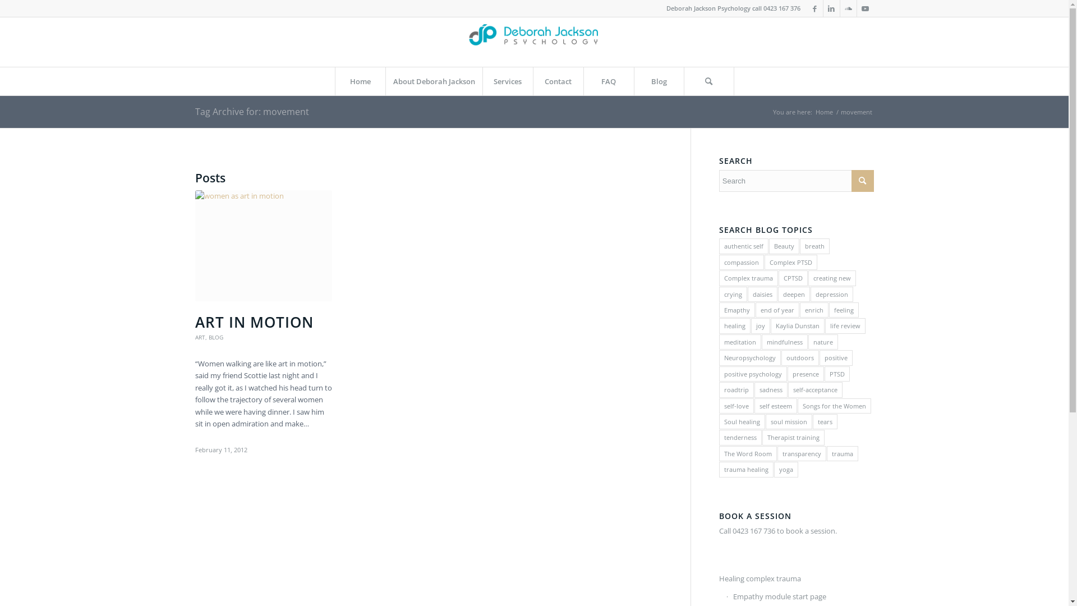 This screenshot has width=1077, height=606. I want to click on 'breath', so click(814, 245).